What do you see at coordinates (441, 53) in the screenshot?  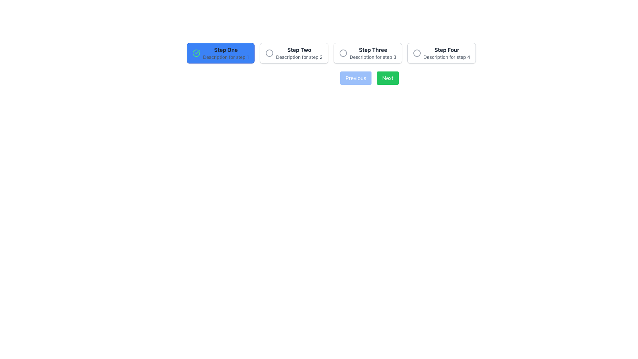 I see `the fourth radio button in the 'flex gap-4' group` at bounding box center [441, 53].